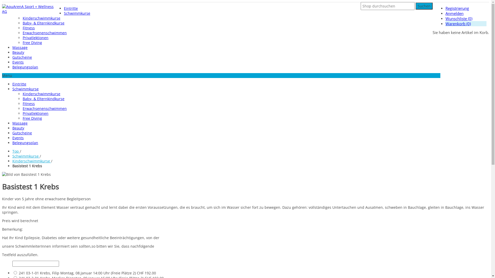  Describe the element at coordinates (32, 42) in the screenshot. I see `'Free Diving'` at that location.